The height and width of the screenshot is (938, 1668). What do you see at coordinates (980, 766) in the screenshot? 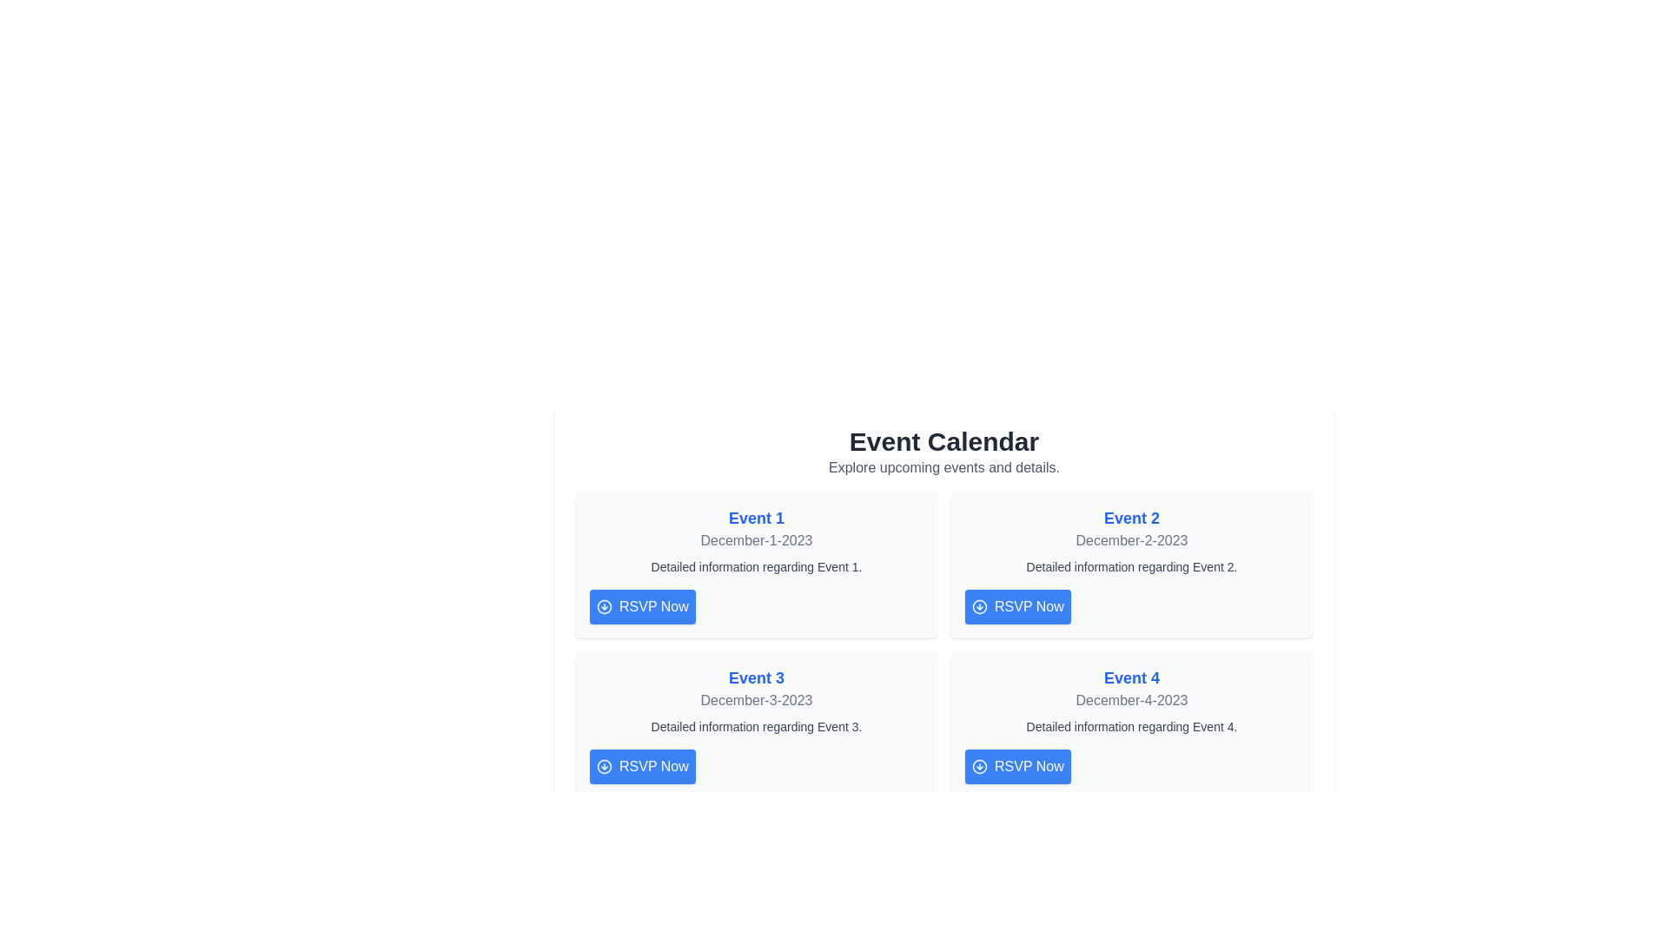
I see `the SVG-based icon within the 'RSVP Now' button located at the bottom-right section of the layout for 'Event 4'` at bounding box center [980, 766].